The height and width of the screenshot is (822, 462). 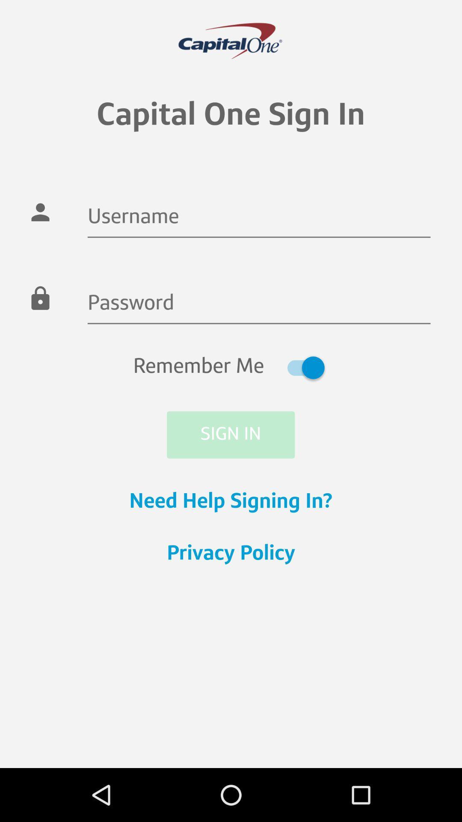 What do you see at coordinates (230, 367) in the screenshot?
I see `item above the sign in icon` at bounding box center [230, 367].